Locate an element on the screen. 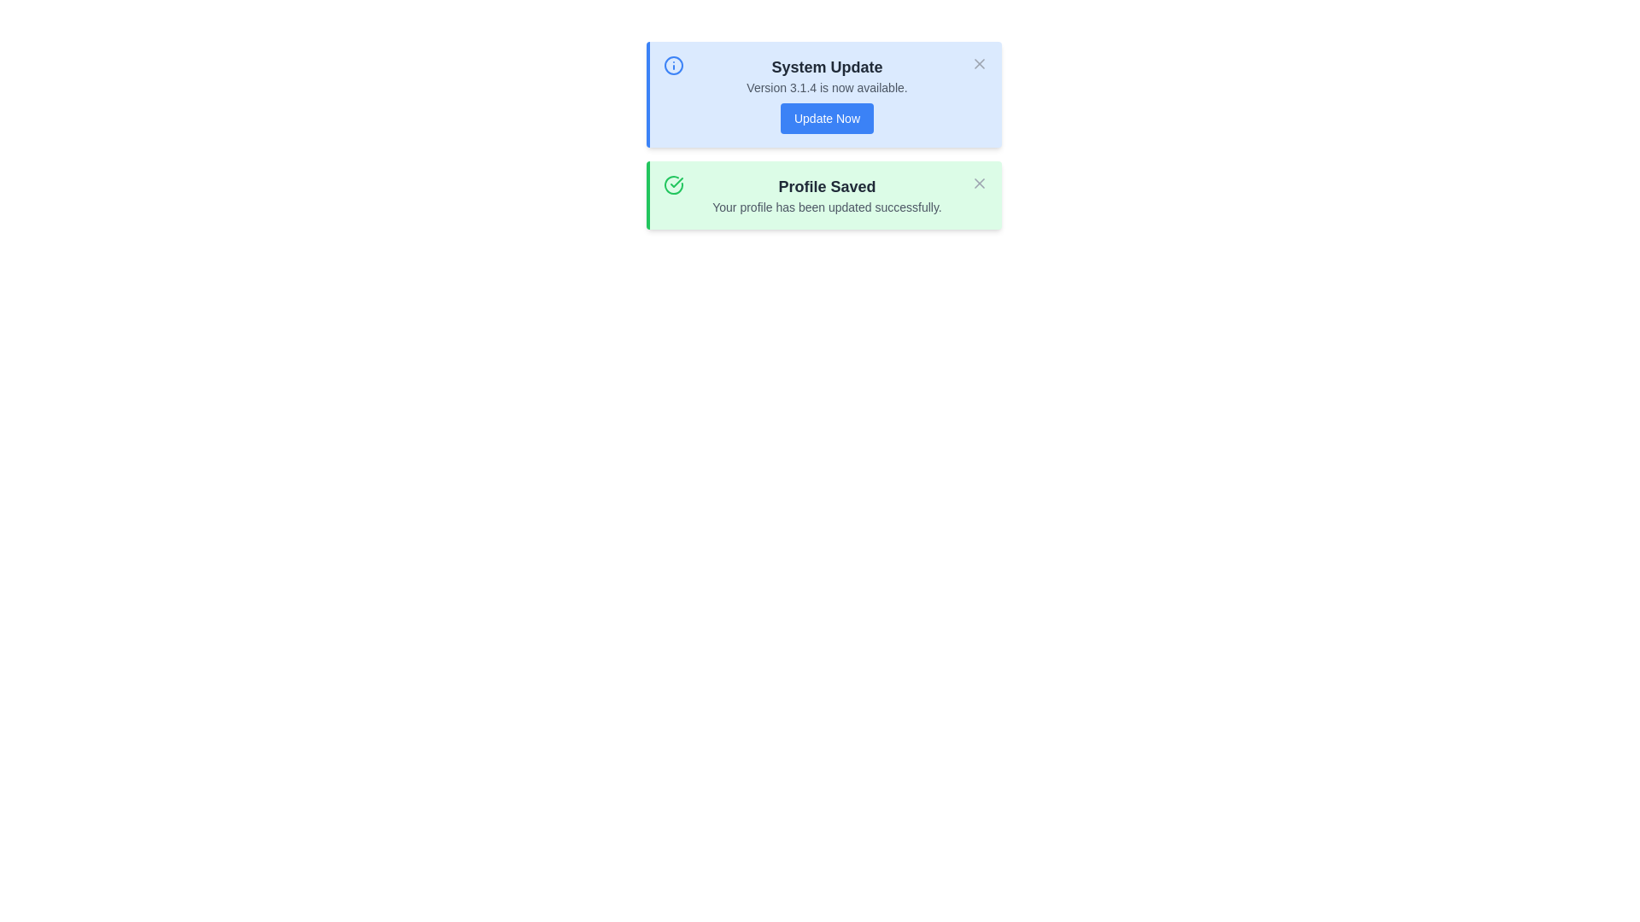 Image resolution: width=1640 pixels, height=922 pixels. the circular shape within the green checkmark icon in the 'Profile Saved' section beneath the 'System Update' notification is located at coordinates (672, 184).